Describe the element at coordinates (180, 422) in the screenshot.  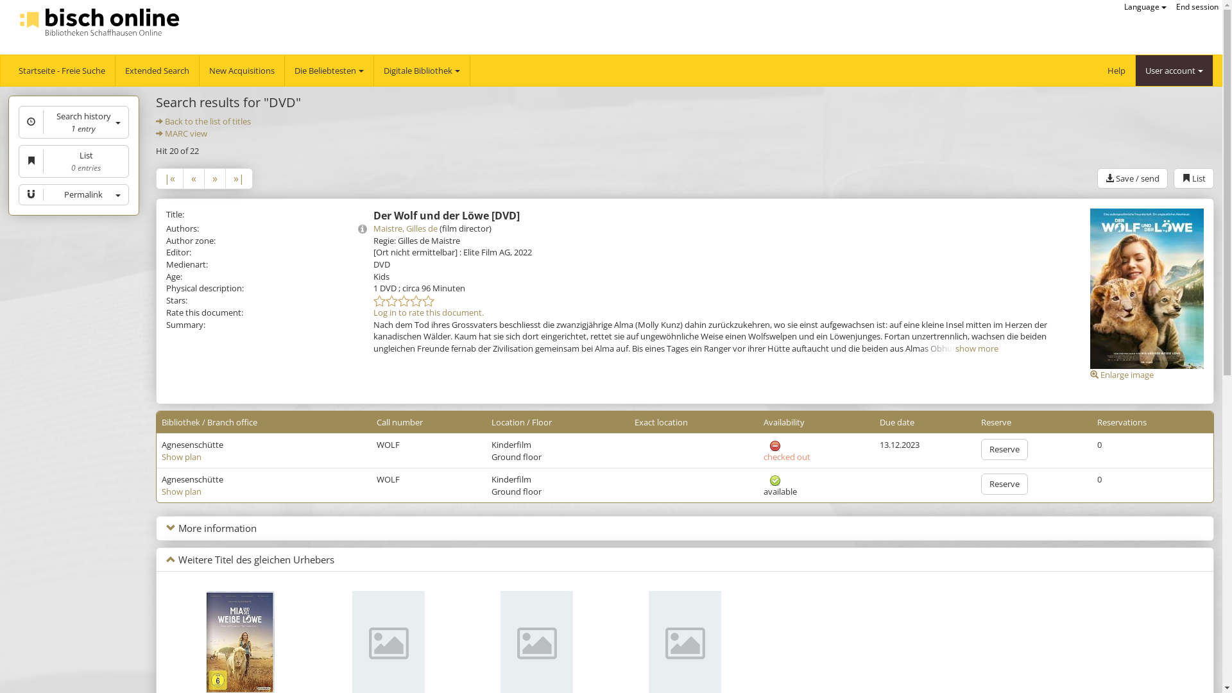
I see `'Bibliothek'` at that location.